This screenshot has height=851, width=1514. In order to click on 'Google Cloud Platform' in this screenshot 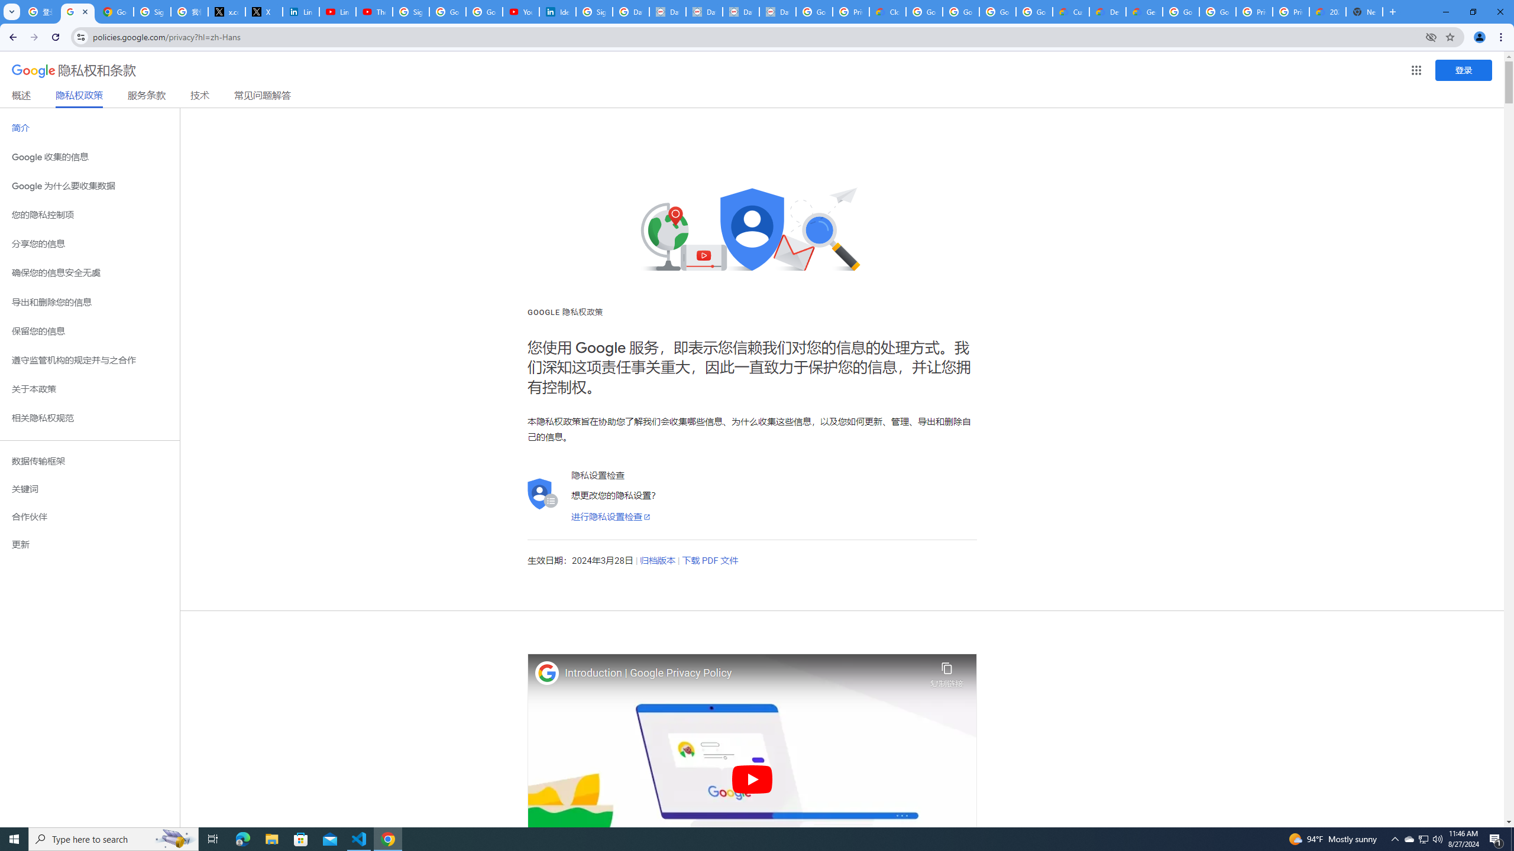, I will do `click(1217, 11)`.